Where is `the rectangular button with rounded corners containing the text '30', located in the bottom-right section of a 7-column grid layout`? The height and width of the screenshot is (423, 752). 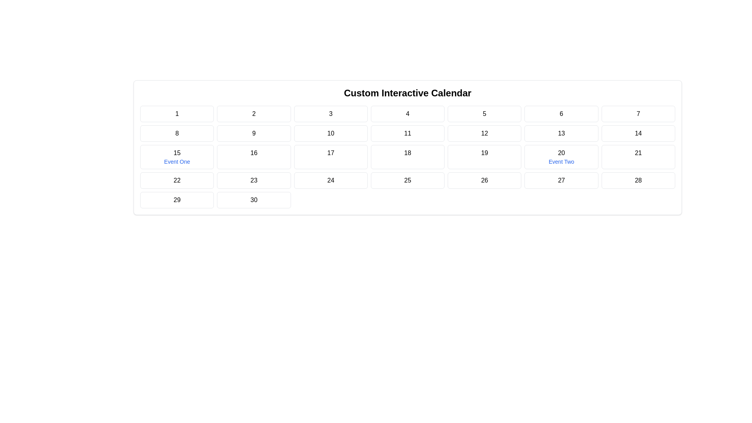
the rectangular button with rounded corners containing the text '30', located in the bottom-right section of a 7-column grid layout is located at coordinates (254, 199).